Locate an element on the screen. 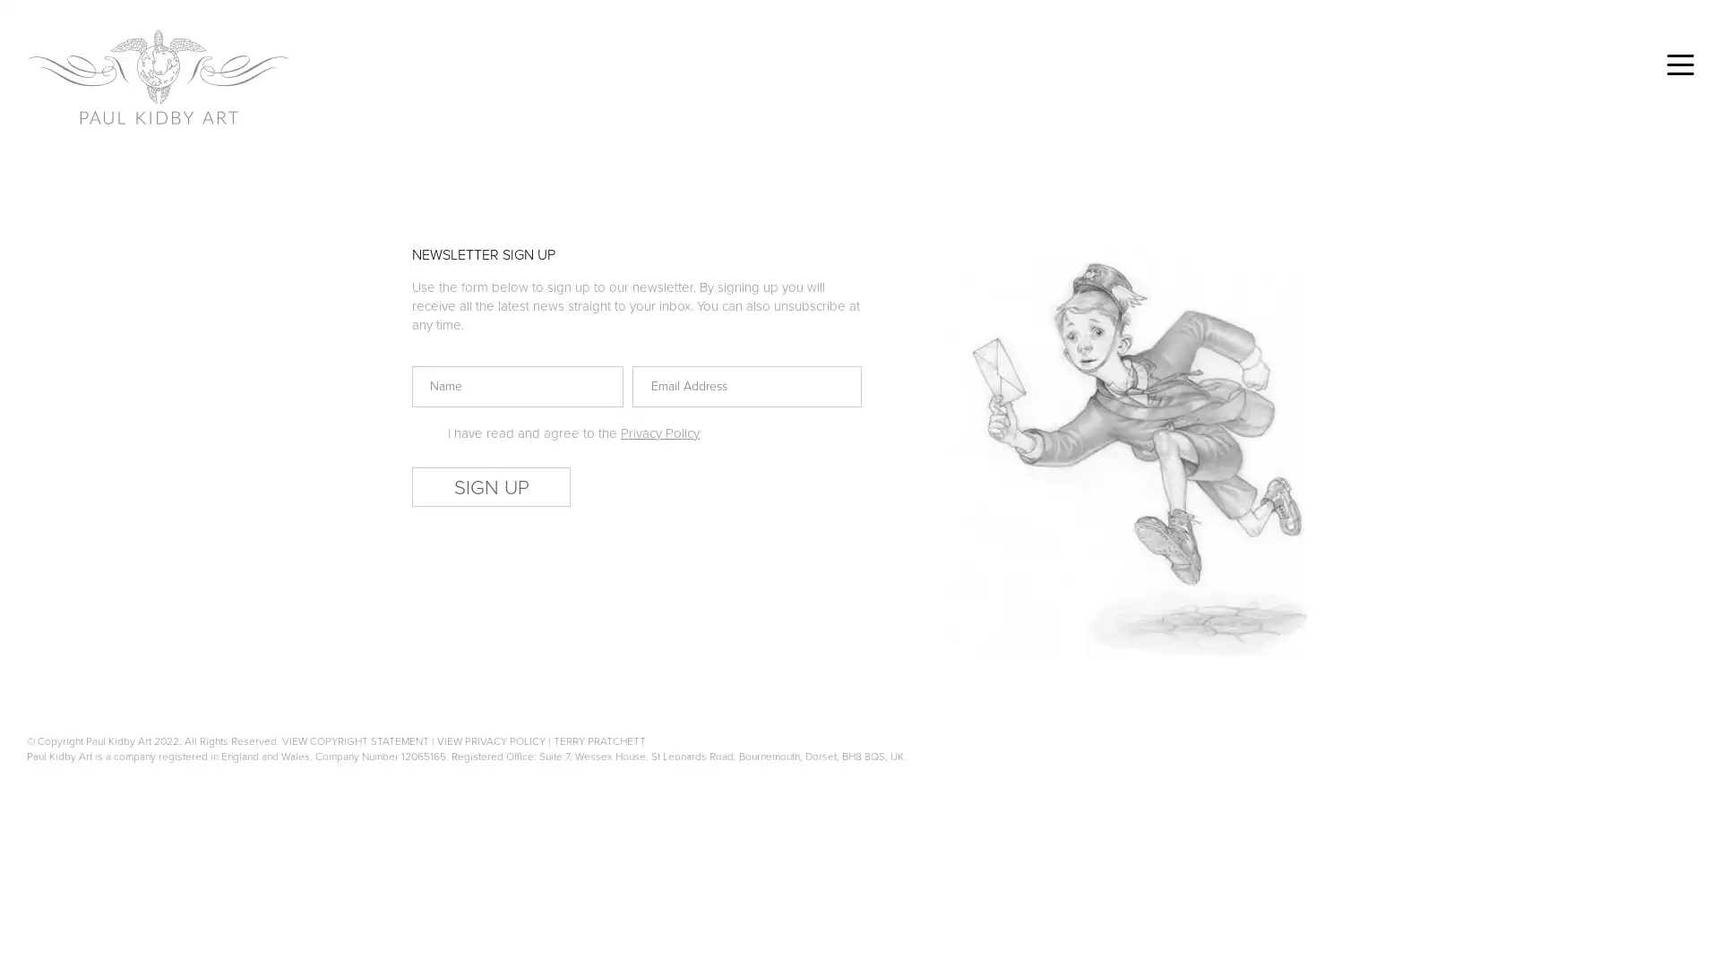  SIGN UP is located at coordinates (491, 486).